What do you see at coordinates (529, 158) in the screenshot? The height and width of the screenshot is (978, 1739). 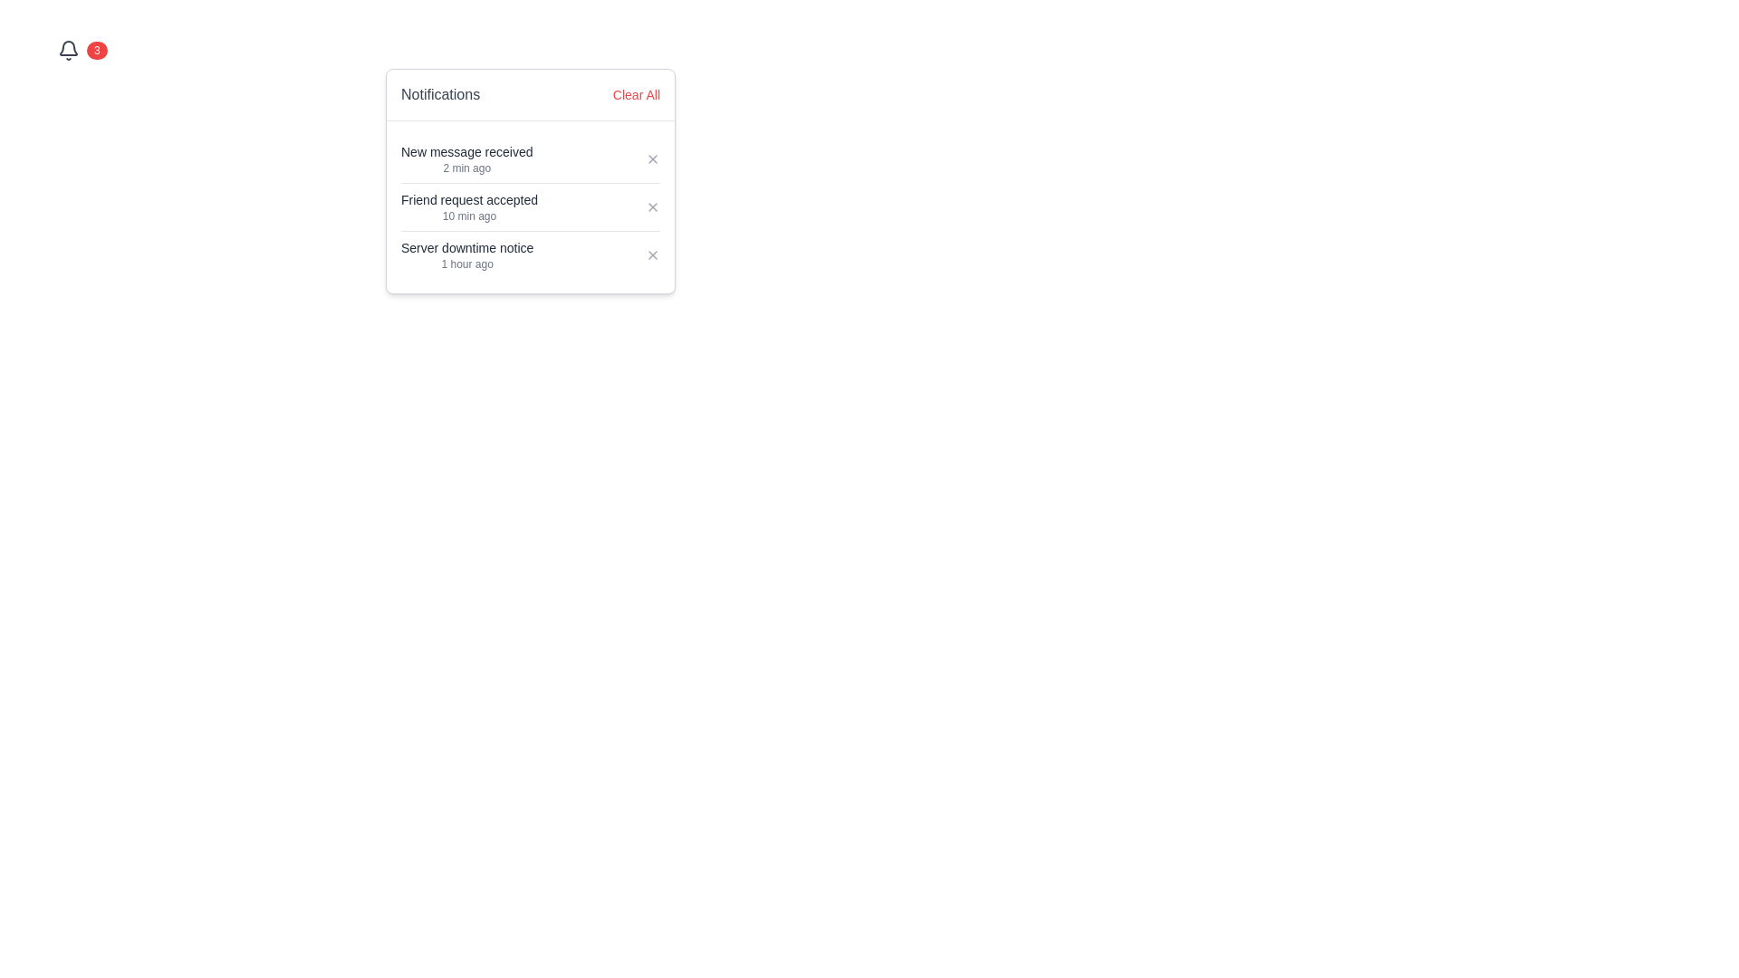 I see `the first notification item in the dropdown panel to focus on it` at bounding box center [529, 158].